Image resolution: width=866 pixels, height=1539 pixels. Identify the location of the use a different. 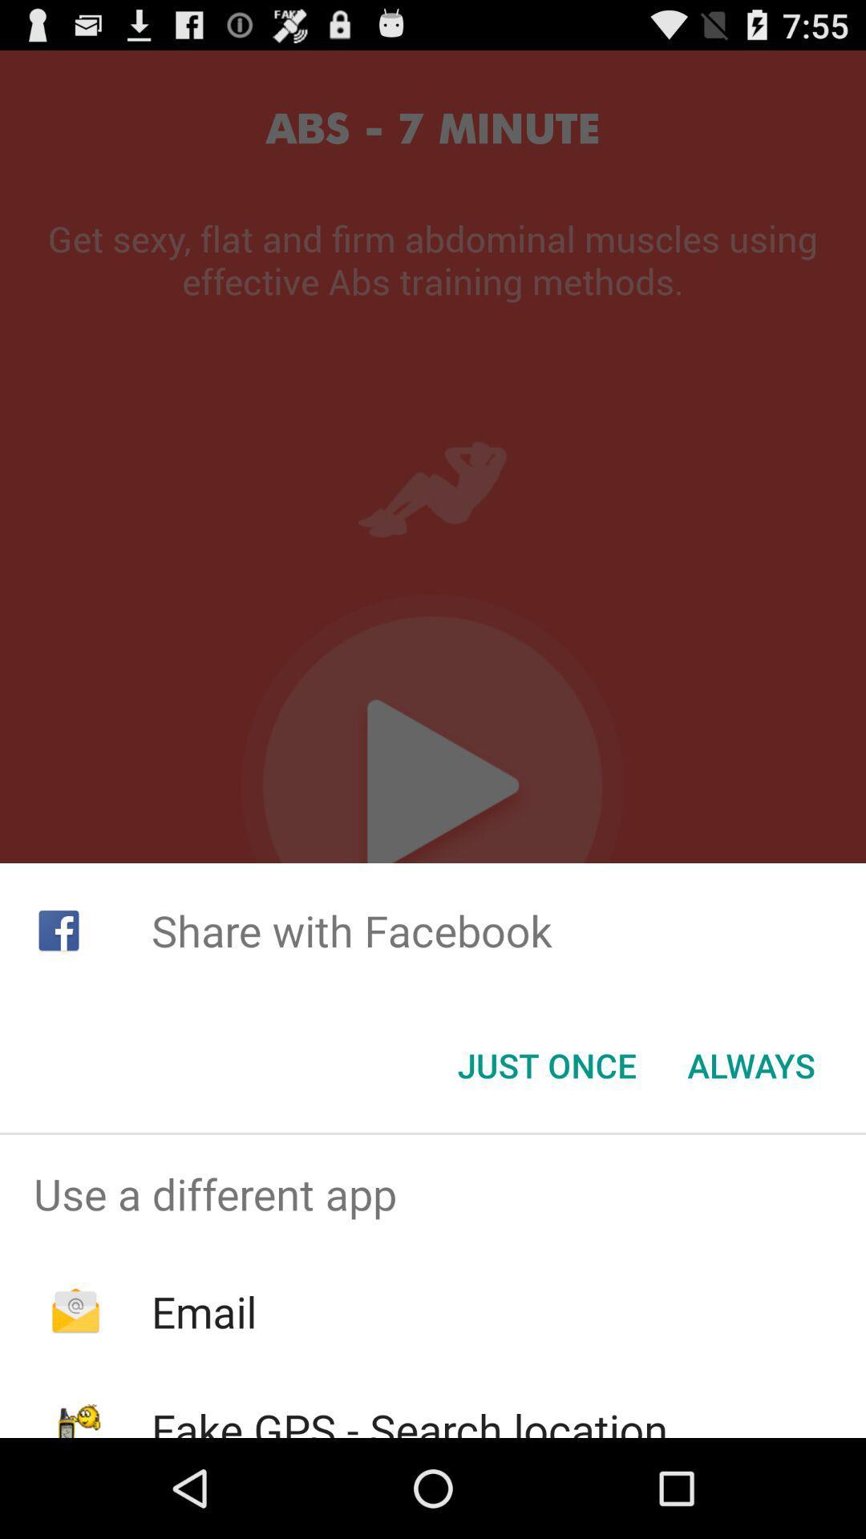
(433, 1194).